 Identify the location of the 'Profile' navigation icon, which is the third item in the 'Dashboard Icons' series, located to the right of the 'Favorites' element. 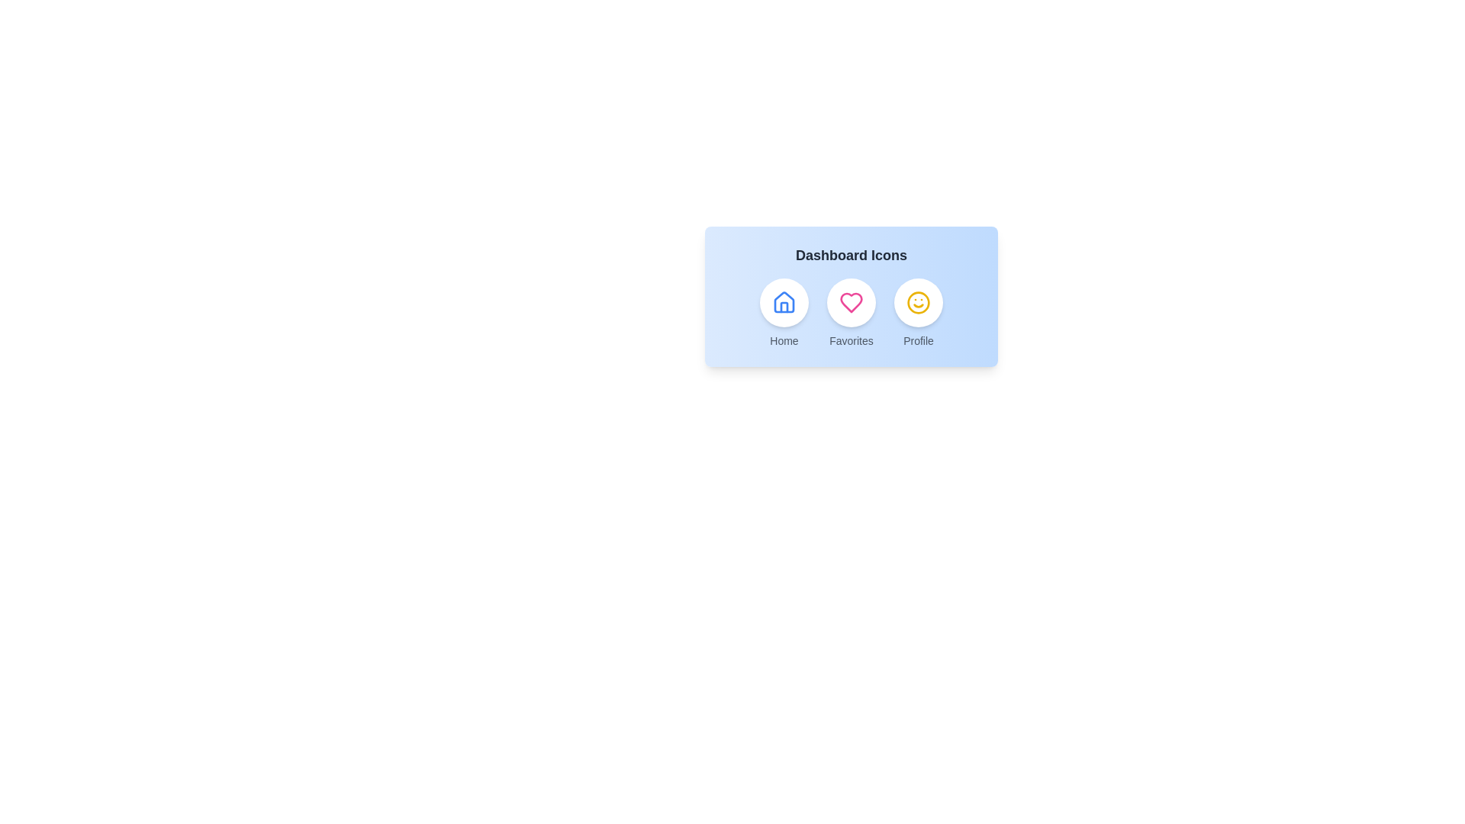
(918, 313).